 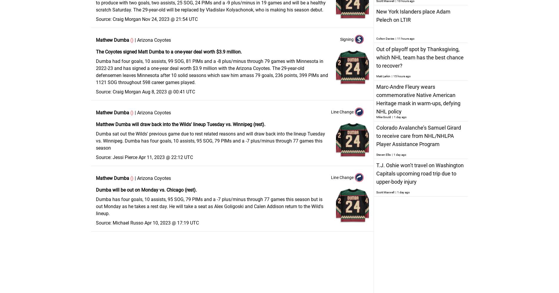 What do you see at coordinates (385, 38) in the screenshot?
I see `'Colton Davies'` at bounding box center [385, 38].